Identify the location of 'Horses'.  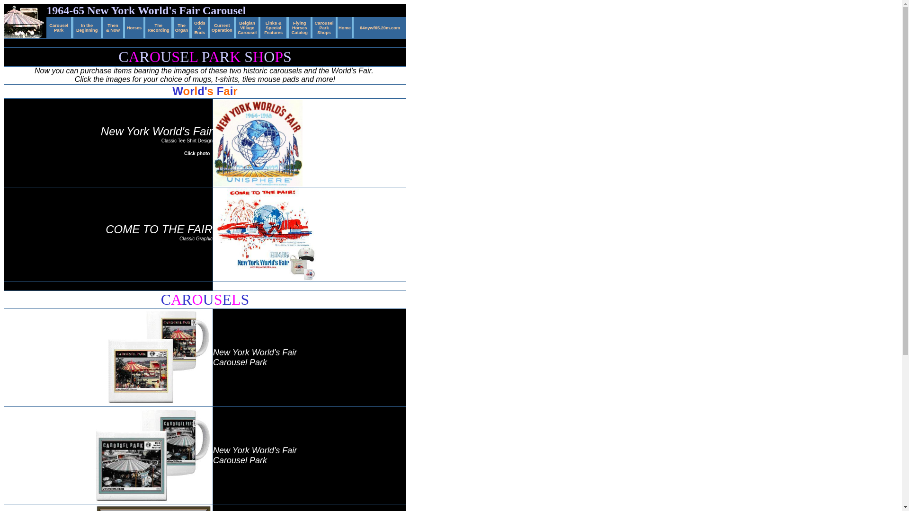
(134, 26).